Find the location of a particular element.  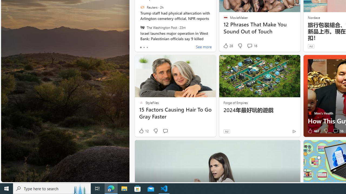

'463 Like' is located at coordinates (313, 131).